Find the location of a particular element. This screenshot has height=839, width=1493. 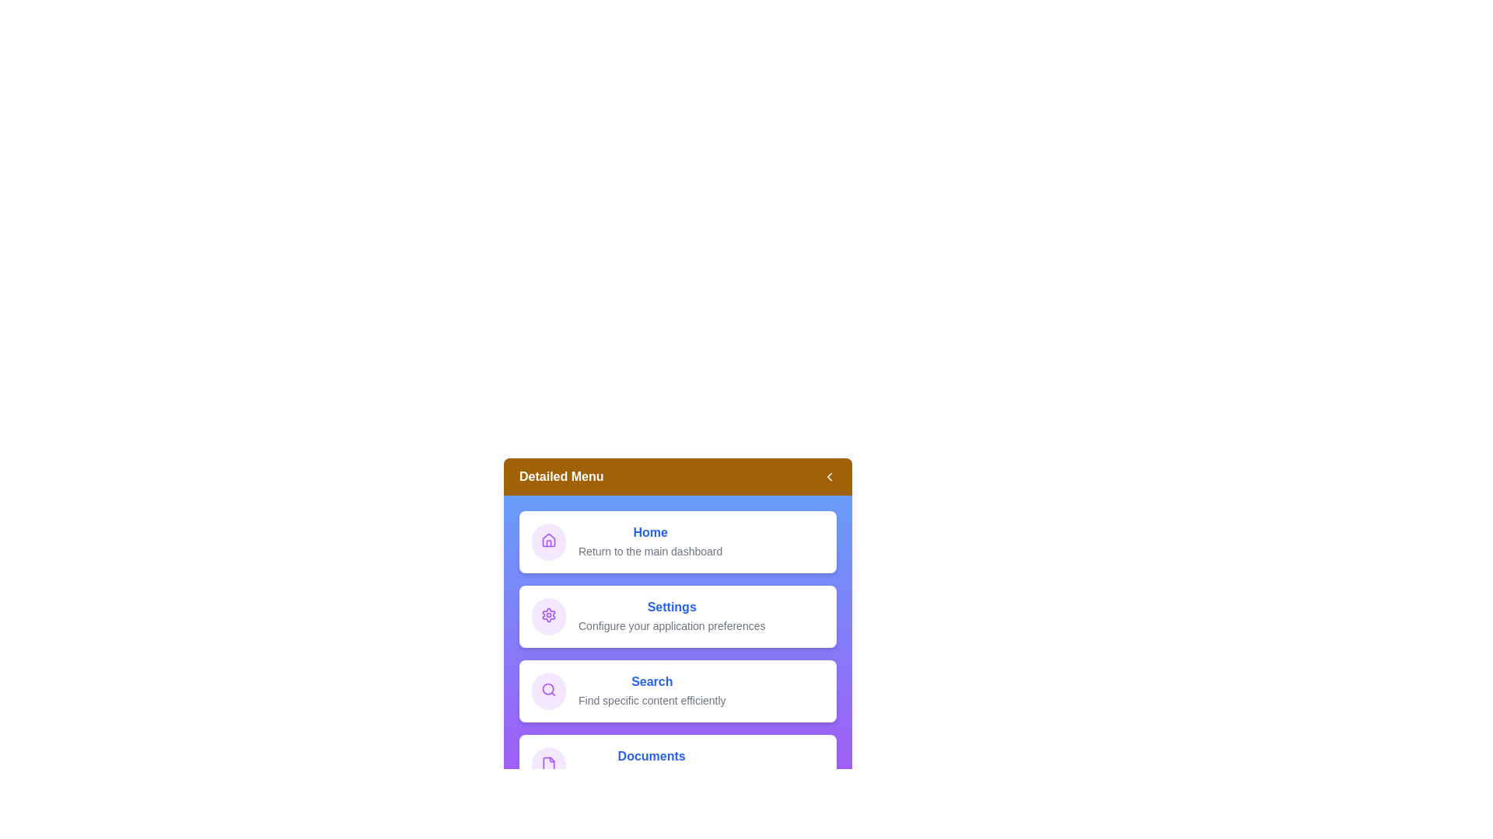

the menu item Documents to interact with it is located at coordinates (678, 765).